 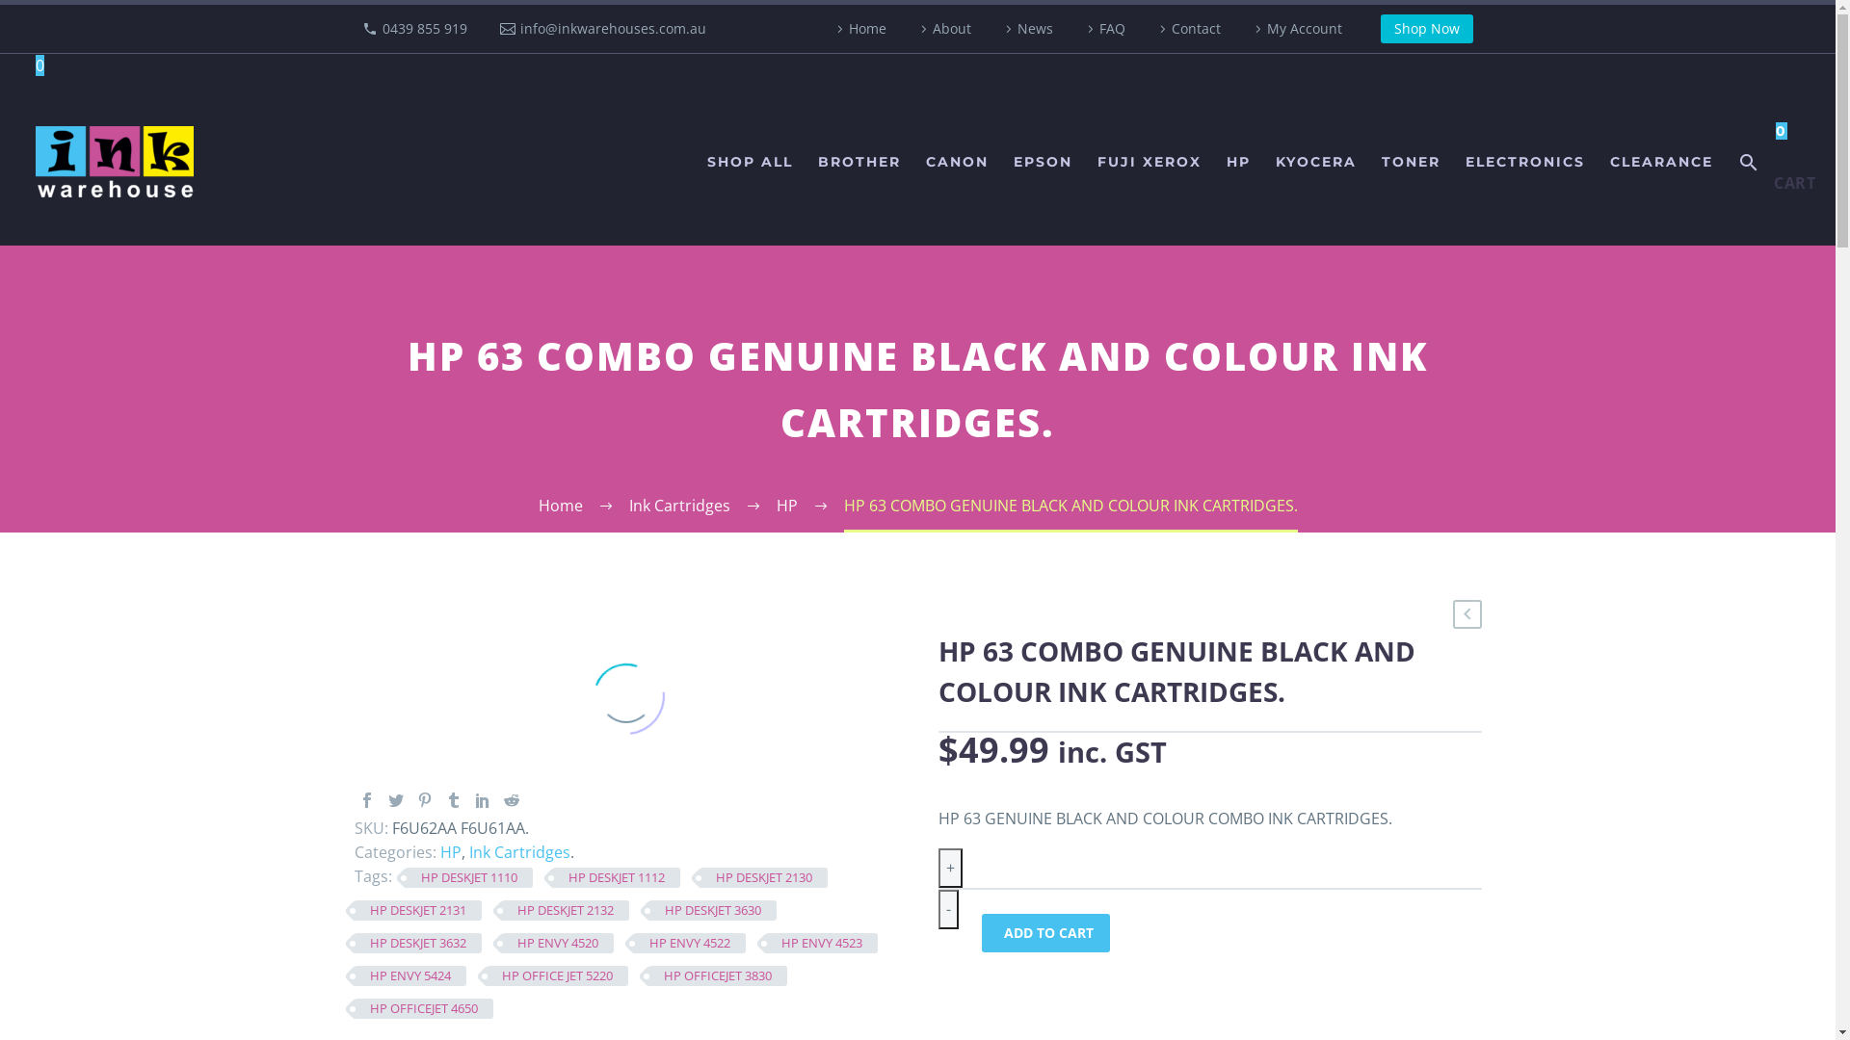 I want to click on 'KYOCERA', so click(x=1266, y=161).